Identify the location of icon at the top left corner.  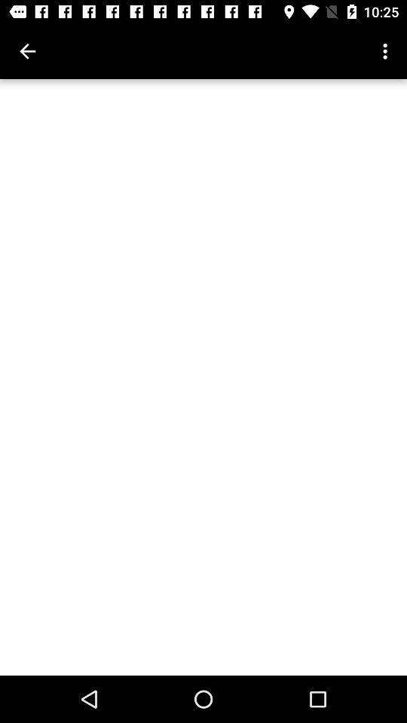
(27, 51).